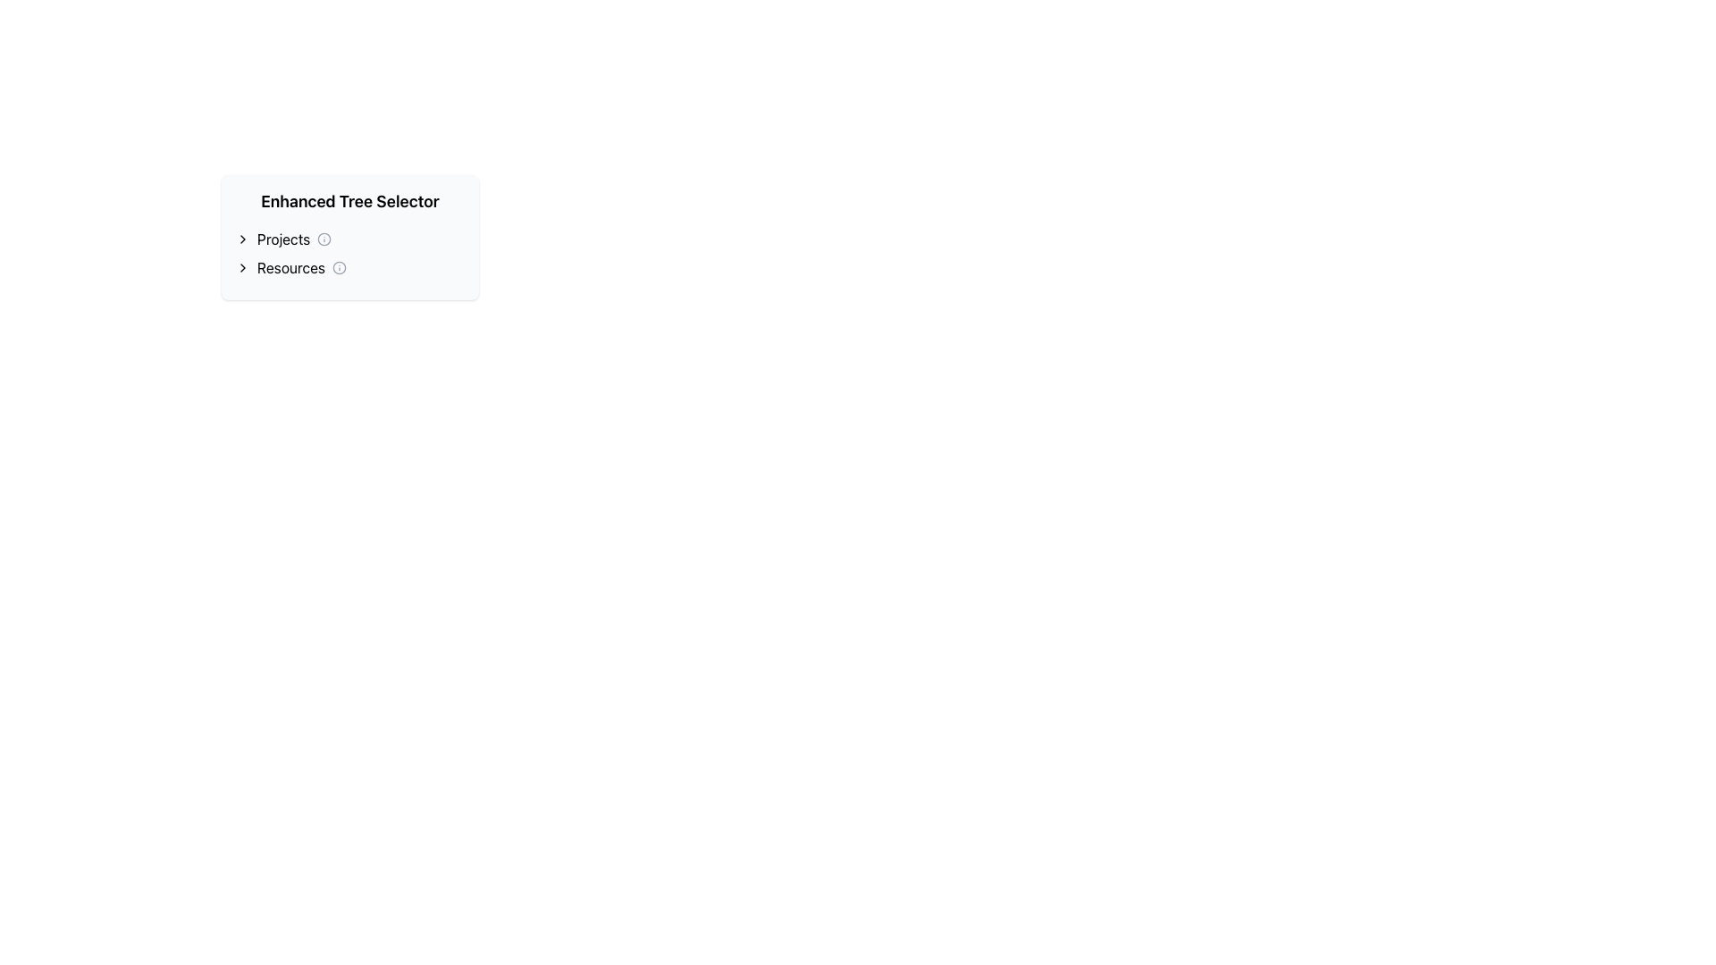 The width and height of the screenshot is (1716, 965). I want to click on the circular icon adjacent to the 'Projects' label, which has a simplistic design and solid outline, so click(324, 238).